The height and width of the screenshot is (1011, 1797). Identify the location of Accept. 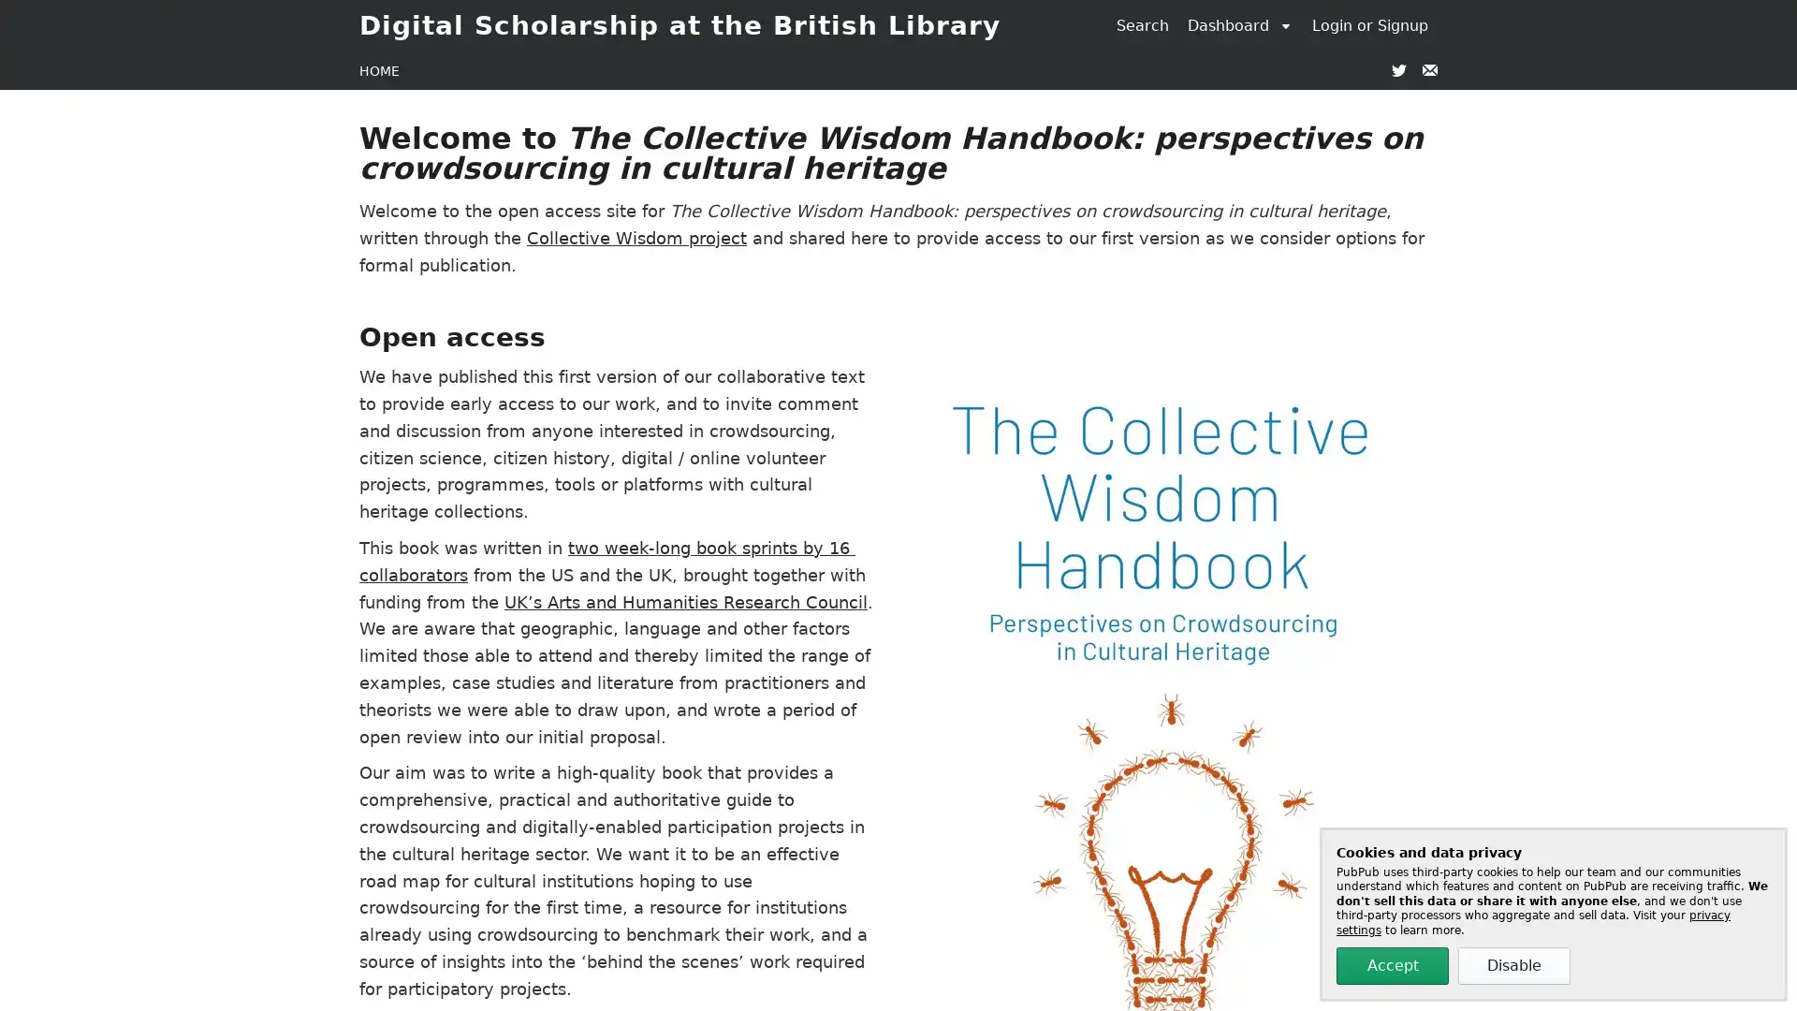
(1393, 966).